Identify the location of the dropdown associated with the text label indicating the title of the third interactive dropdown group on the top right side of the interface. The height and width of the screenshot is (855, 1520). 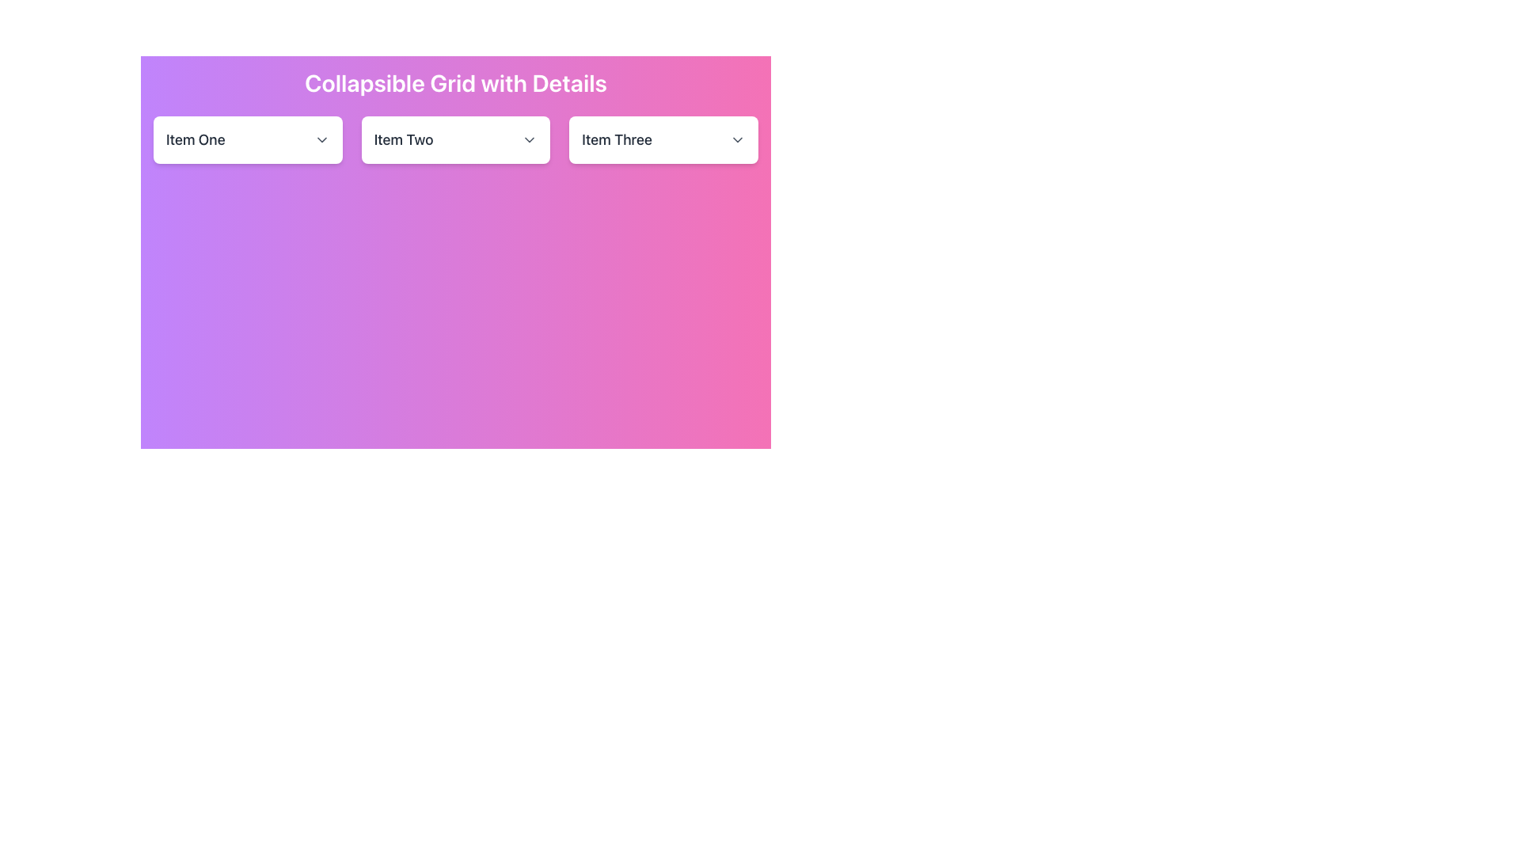
(616, 139).